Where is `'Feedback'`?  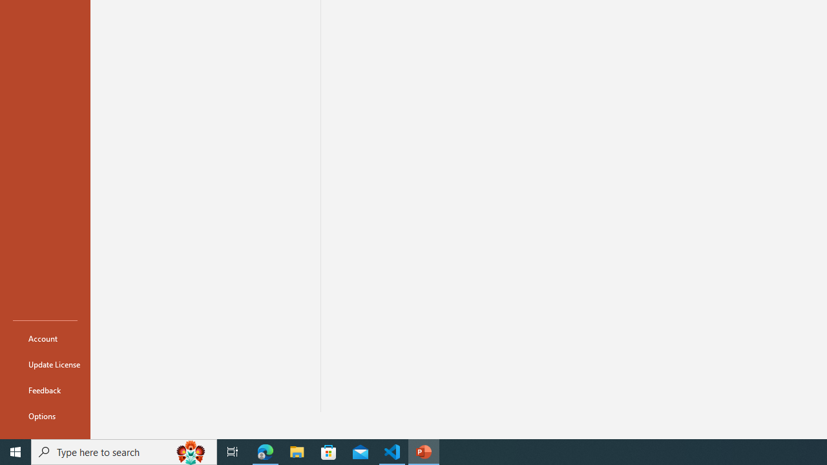 'Feedback' is located at coordinates (45, 389).